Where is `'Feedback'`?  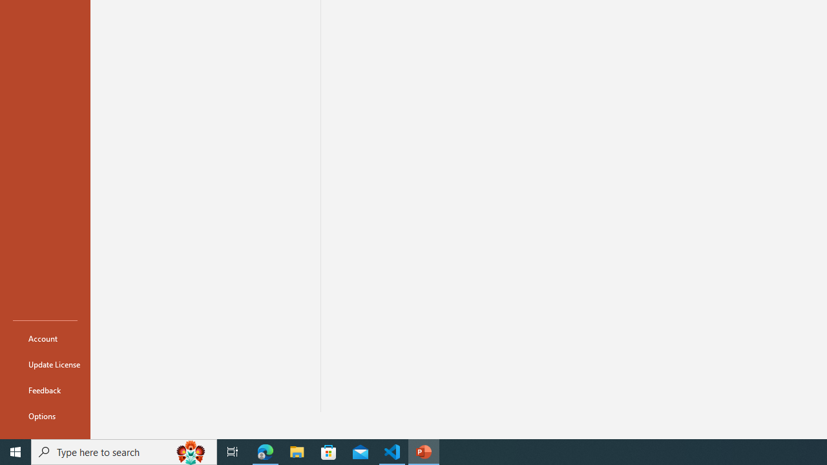 'Feedback' is located at coordinates (45, 389).